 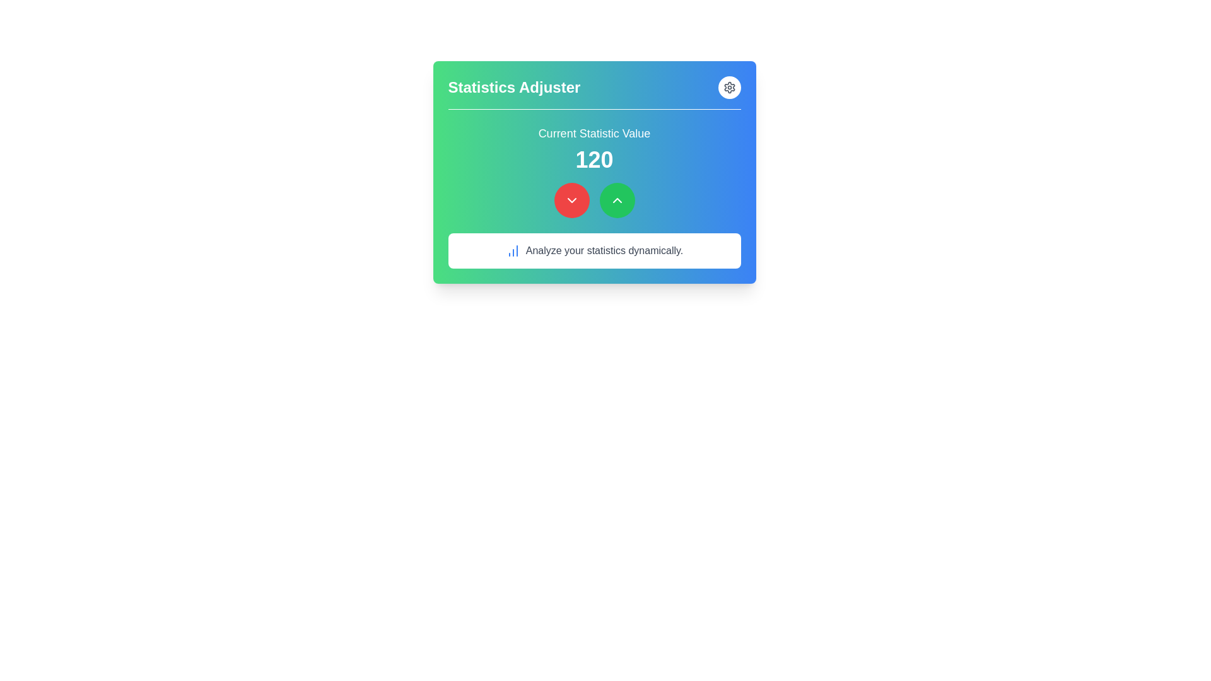 What do you see at coordinates (513, 250) in the screenshot?
I see `the icon that represents 'Analyze your statistics dynamically,' located at the bottom left of the card` at bounding box center [513, 250].